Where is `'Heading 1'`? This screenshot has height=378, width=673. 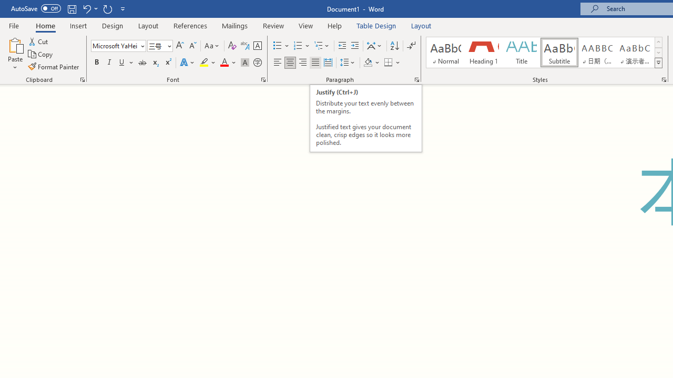
'Heading 1' is located at coordinates (483, 52).